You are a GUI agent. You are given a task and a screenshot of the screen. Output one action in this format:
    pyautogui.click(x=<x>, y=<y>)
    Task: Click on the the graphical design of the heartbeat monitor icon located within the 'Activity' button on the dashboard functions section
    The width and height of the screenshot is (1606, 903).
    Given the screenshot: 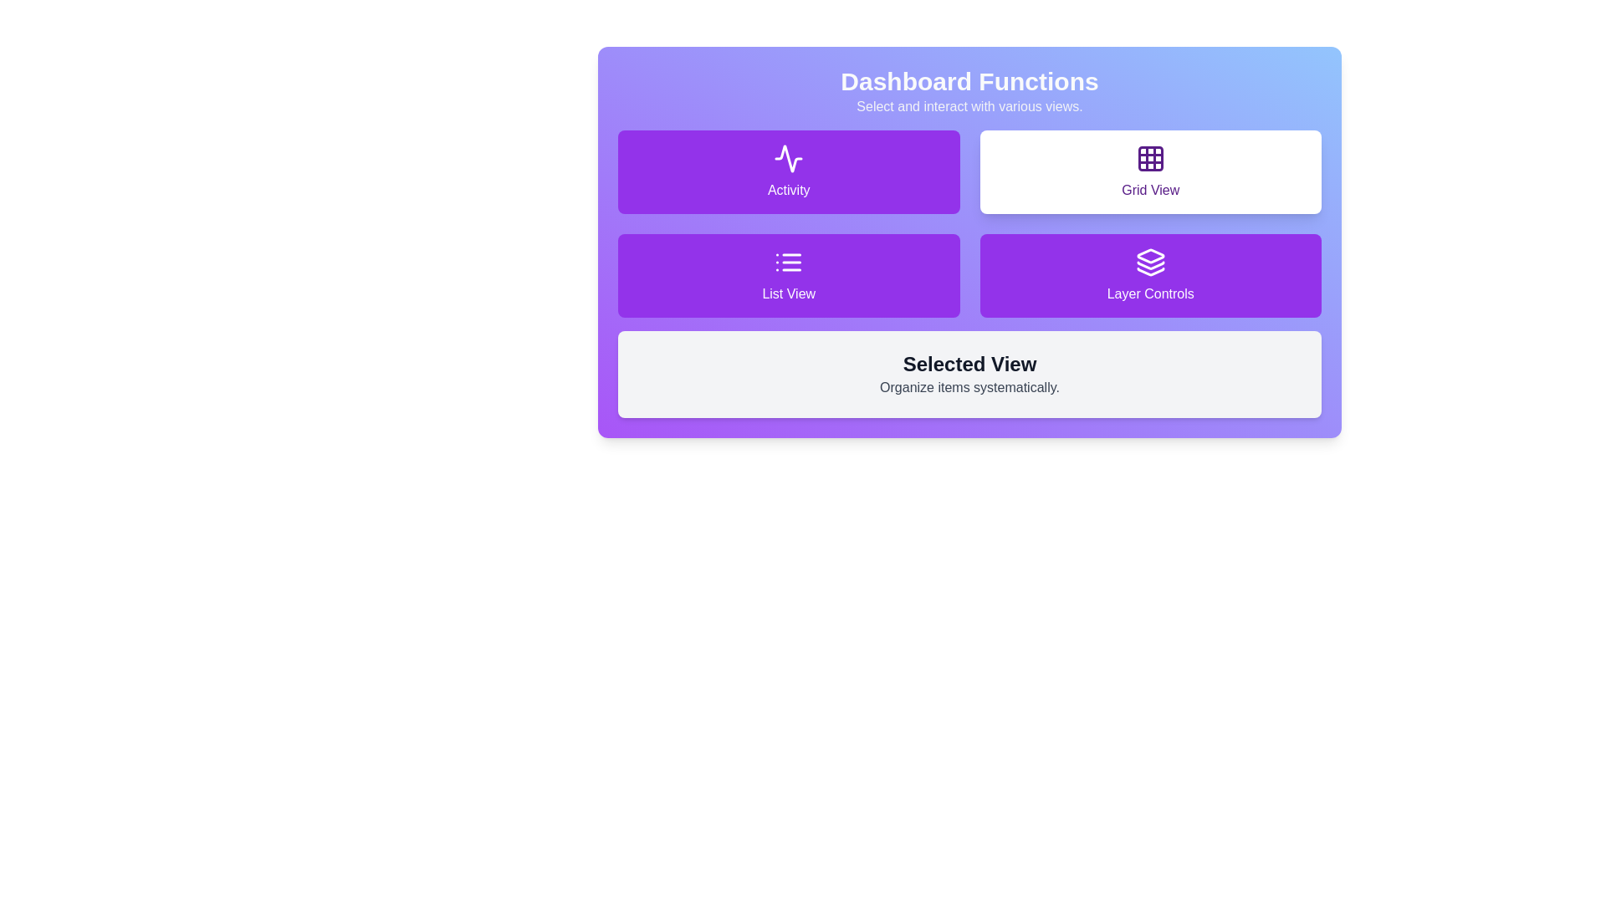 What is the action you would take?
    pyautogui.click(x=788, y=158)
    